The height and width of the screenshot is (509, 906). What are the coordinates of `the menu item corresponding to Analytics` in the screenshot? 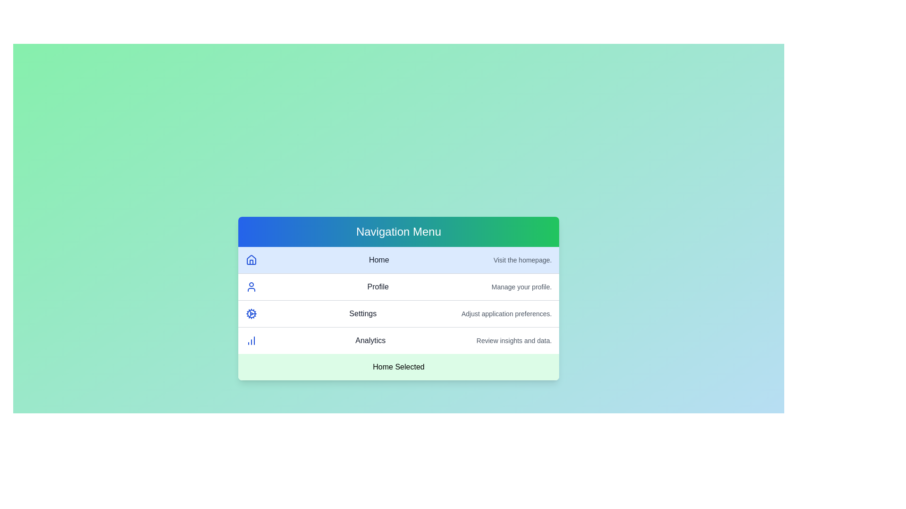 It's located at (398, 340).